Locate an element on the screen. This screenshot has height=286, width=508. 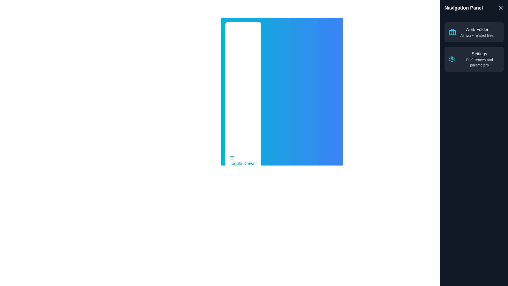
the 'X' icon in the top-right corner of the drawer to close it is located at coordinates (500, 8).